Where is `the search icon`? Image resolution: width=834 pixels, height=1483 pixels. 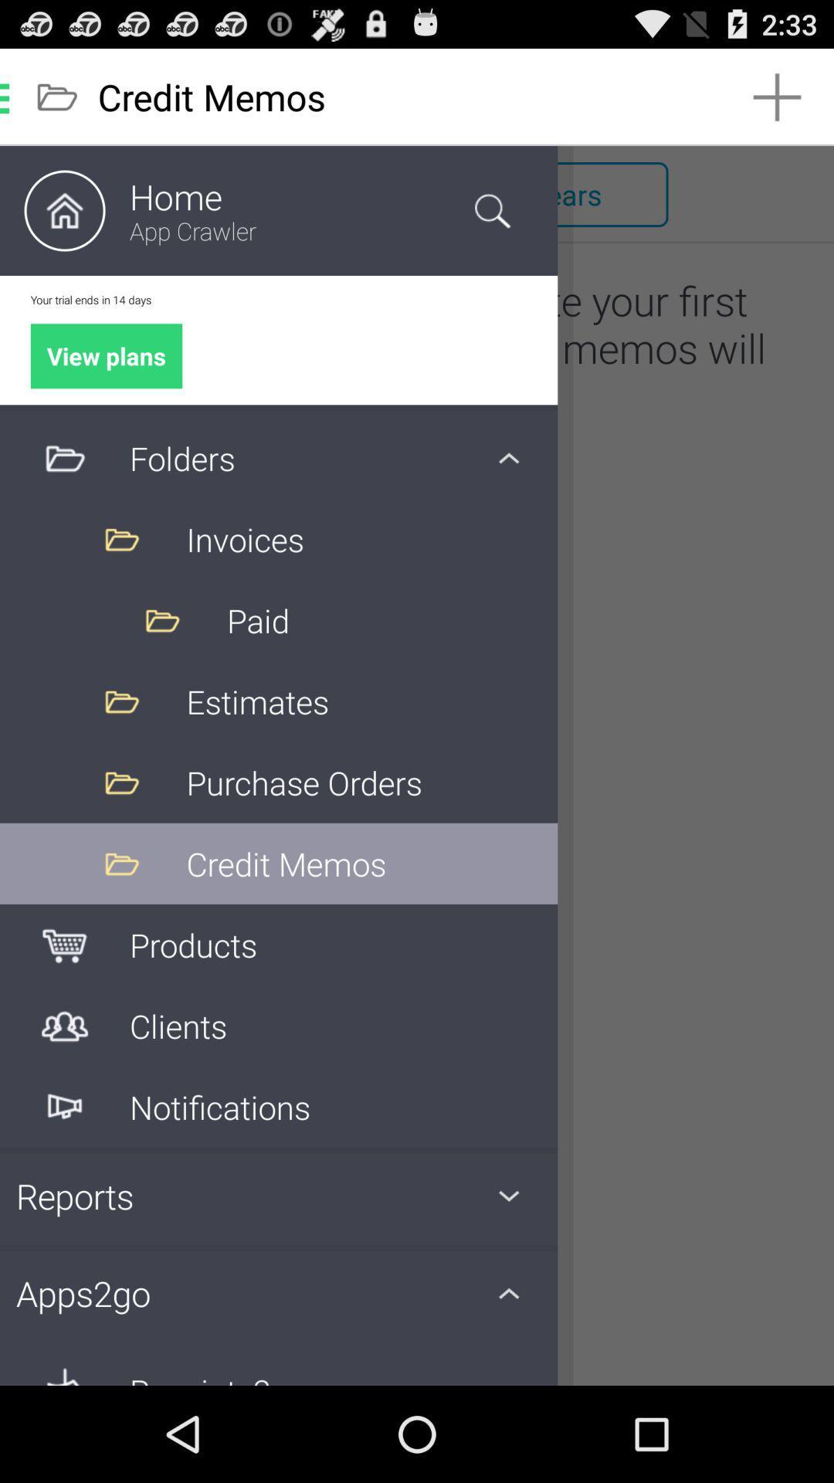
the search icon is located at coordinates (493, 225).